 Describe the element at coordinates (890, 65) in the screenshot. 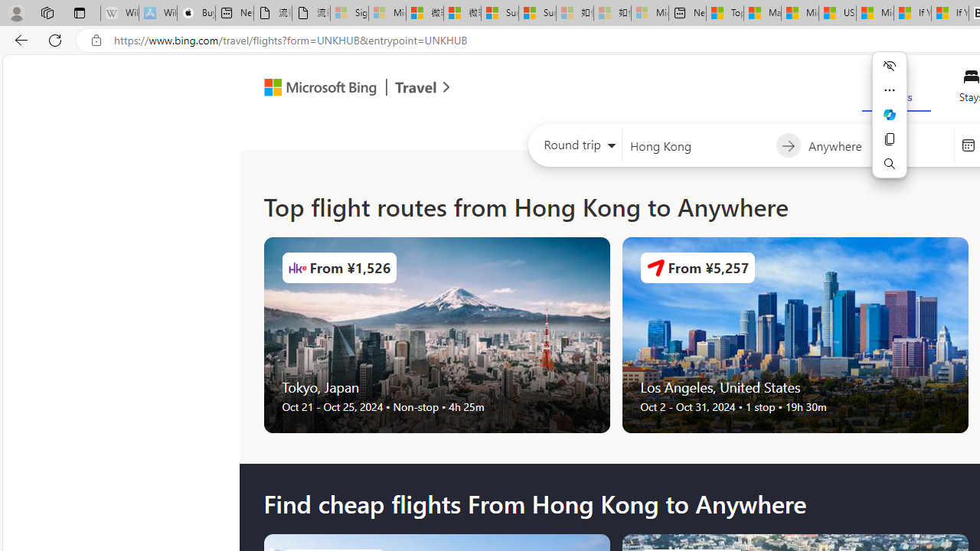

I see `'Hide menu'` at that location.